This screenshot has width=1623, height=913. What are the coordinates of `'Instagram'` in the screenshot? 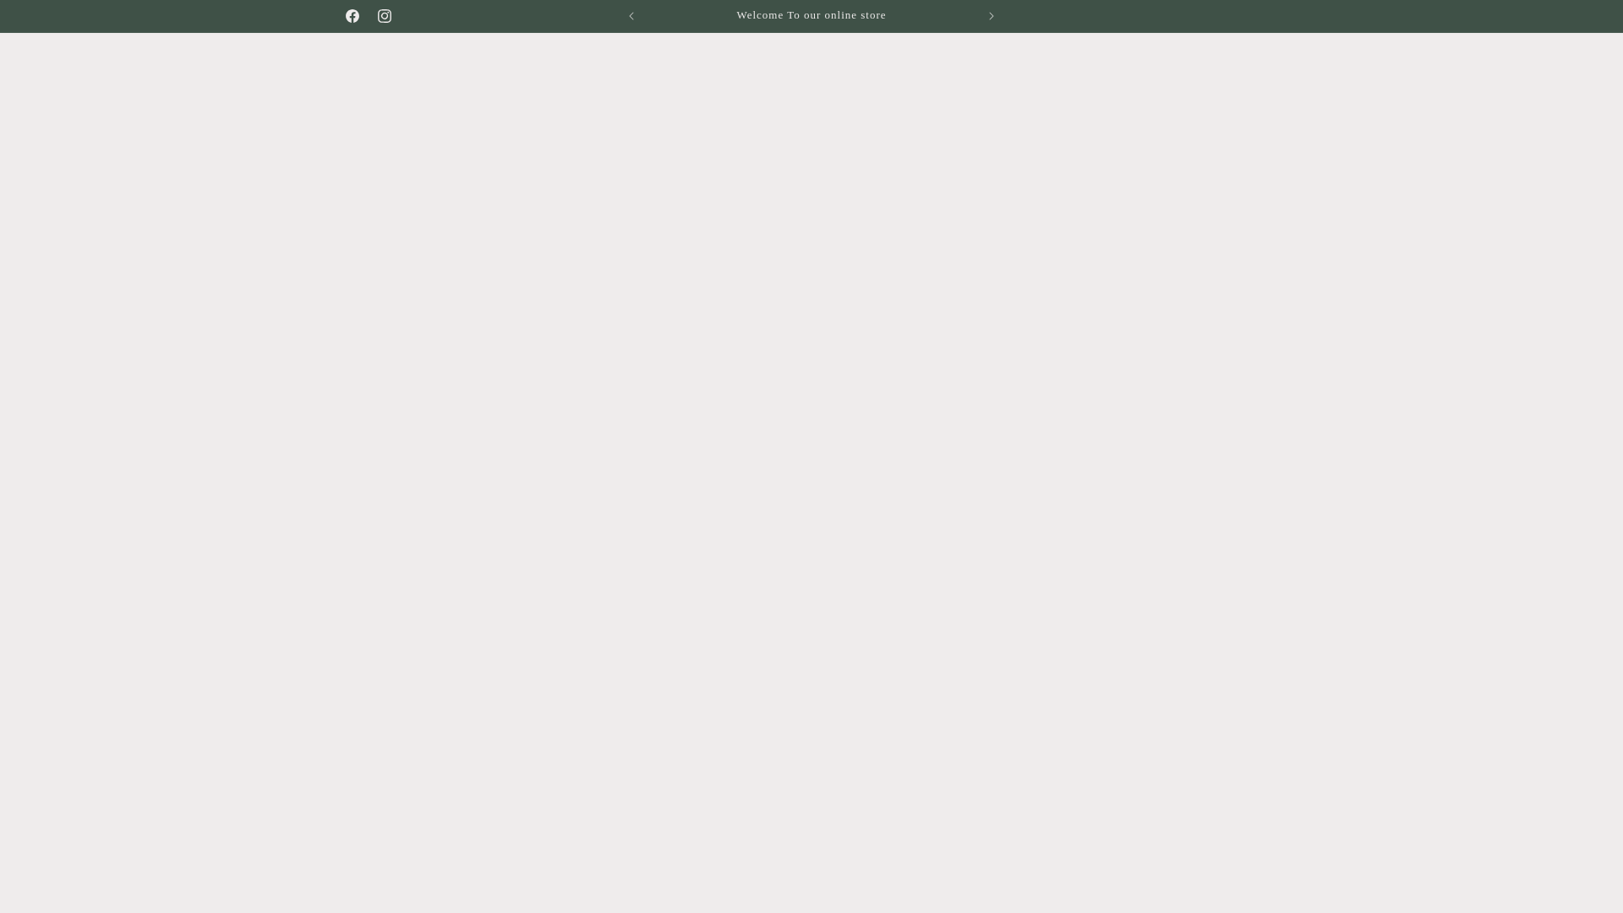 It's located at (384, 16).